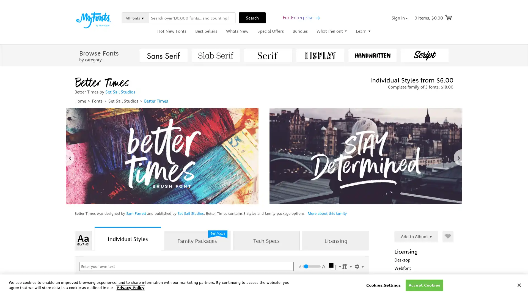  What do you see at coordinates (359, 266) in the screenshot?
I see `Show Settings` at bounding box center [359, 266].